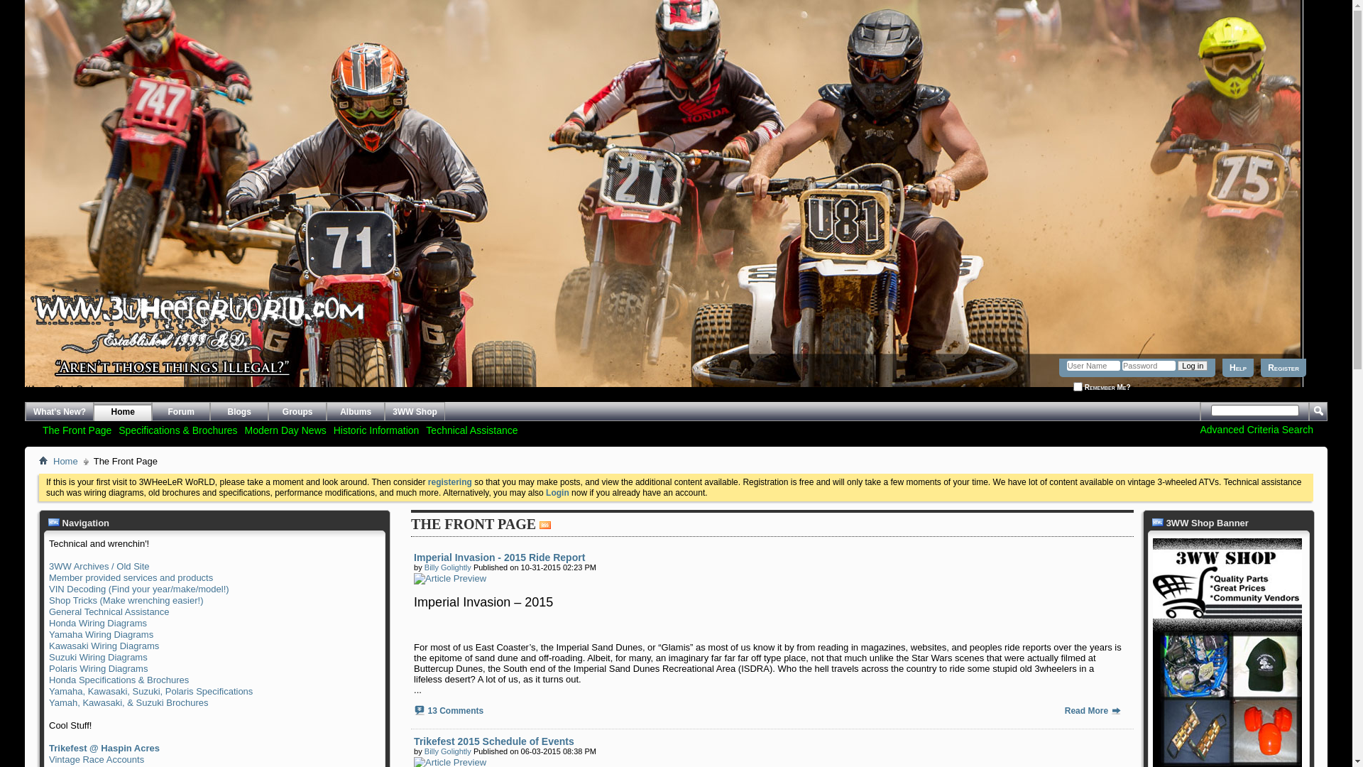 Image resolution: width=1363 pixels, height=767 pixels. What do you see at coordinates (180, 411) in the screenshot?
I see `'Forum'` at bounding box center [180, 411].